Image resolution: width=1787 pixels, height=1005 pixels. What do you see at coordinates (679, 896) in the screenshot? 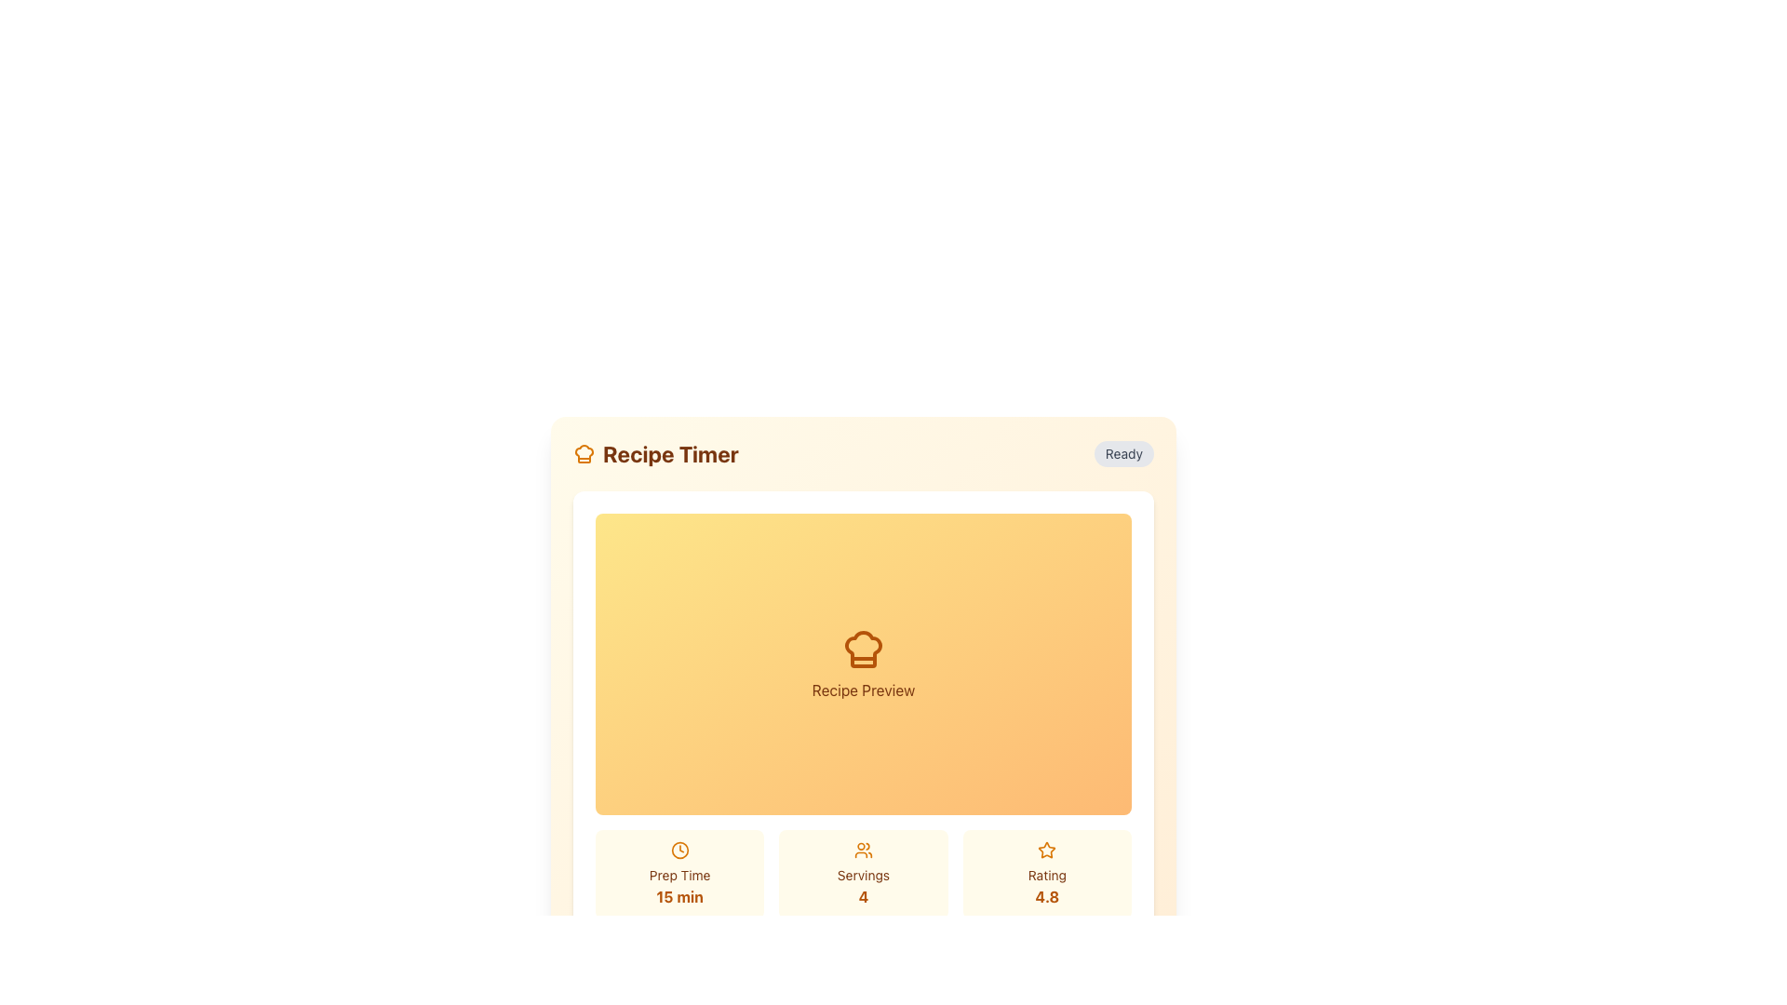
I see `the Text Label that indicates the preparation time for the recipe, which displays '15 minutes' and is located below the 'Prep Time' label` at bounding box center [679, 896].